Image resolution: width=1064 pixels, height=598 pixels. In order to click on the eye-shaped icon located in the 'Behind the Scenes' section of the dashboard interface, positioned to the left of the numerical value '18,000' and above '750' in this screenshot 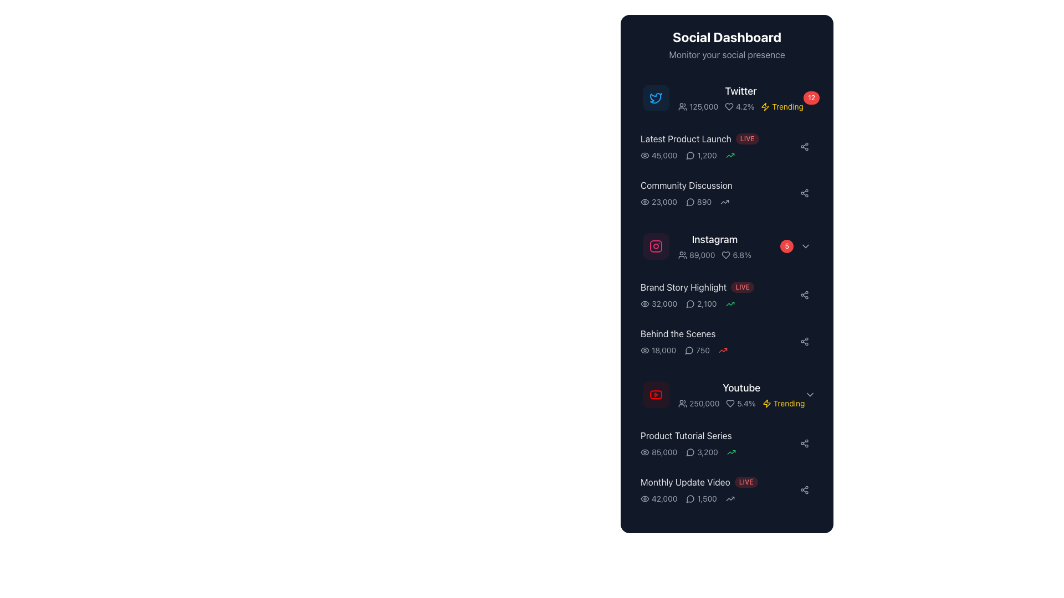, I will do `click(644, 350)`.